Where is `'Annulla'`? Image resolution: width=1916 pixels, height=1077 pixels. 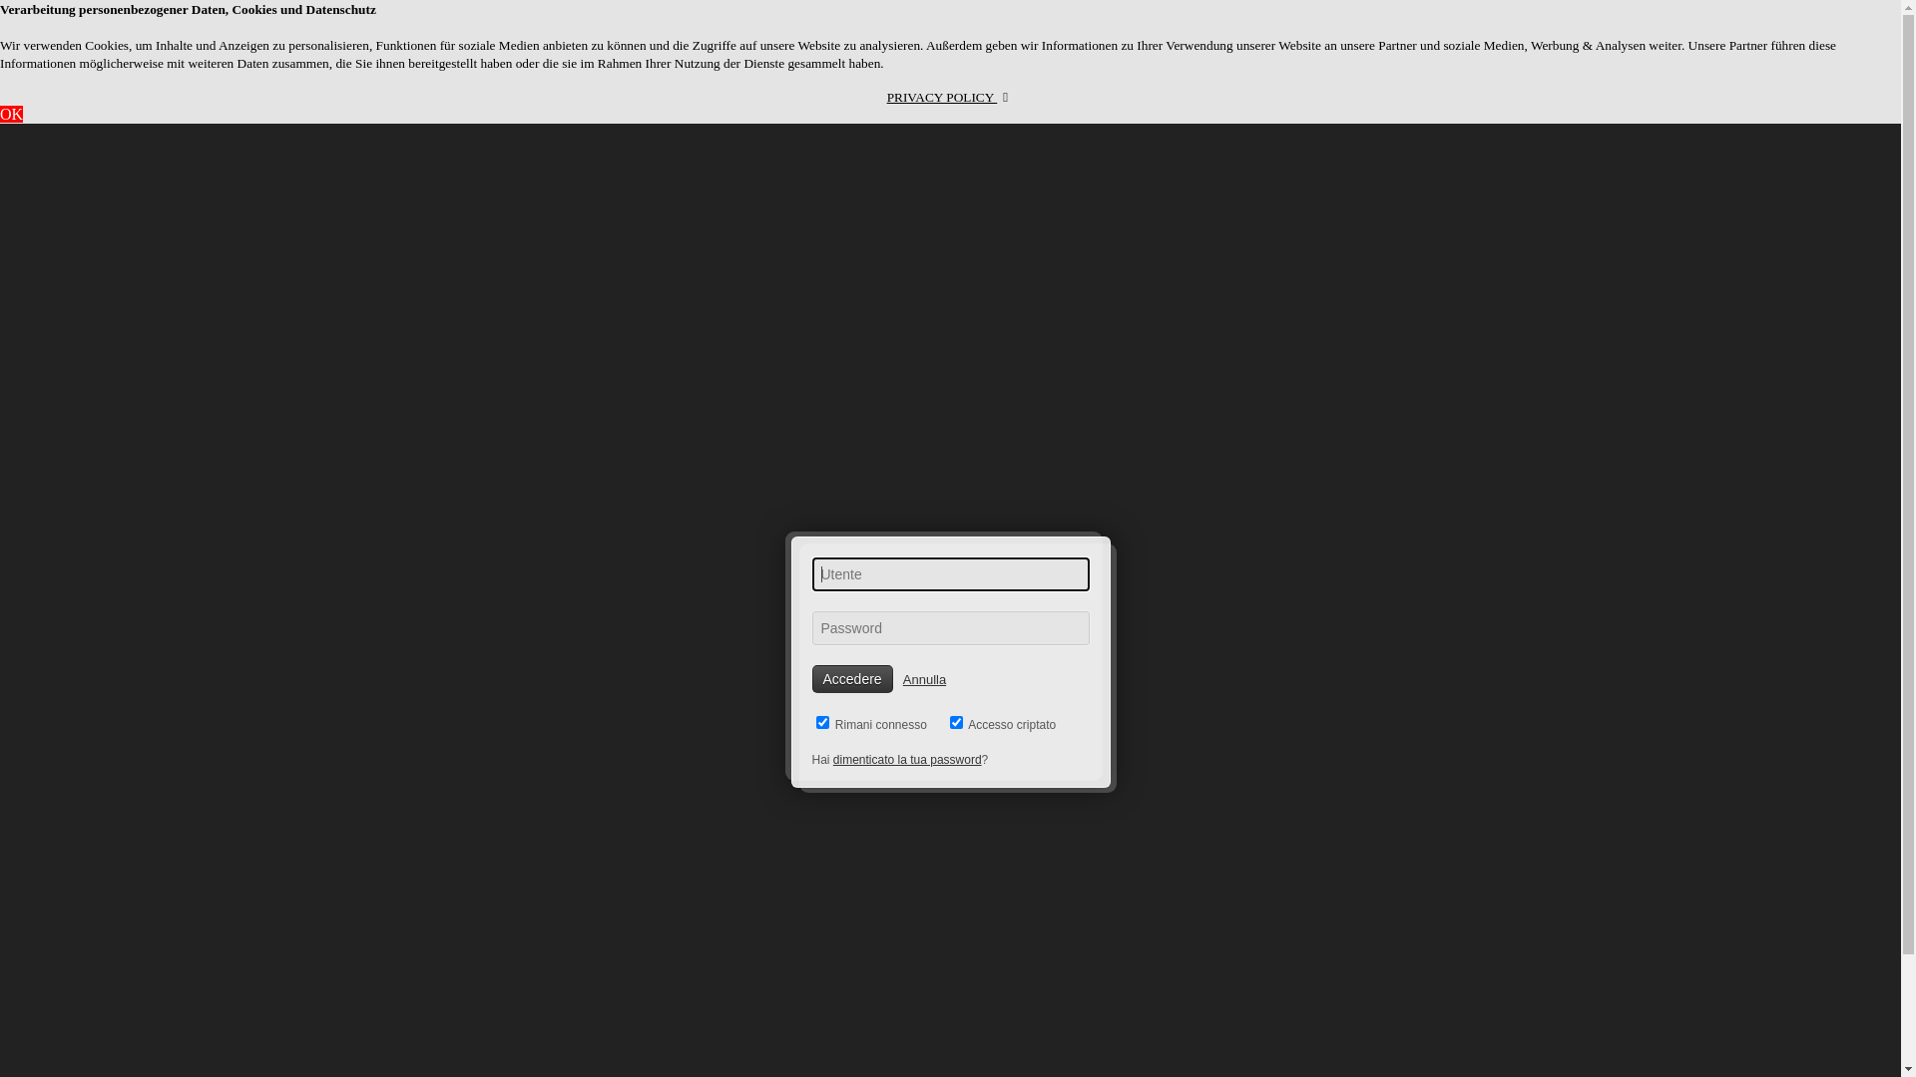
'Annulla' is located at coordinates (902, 678).